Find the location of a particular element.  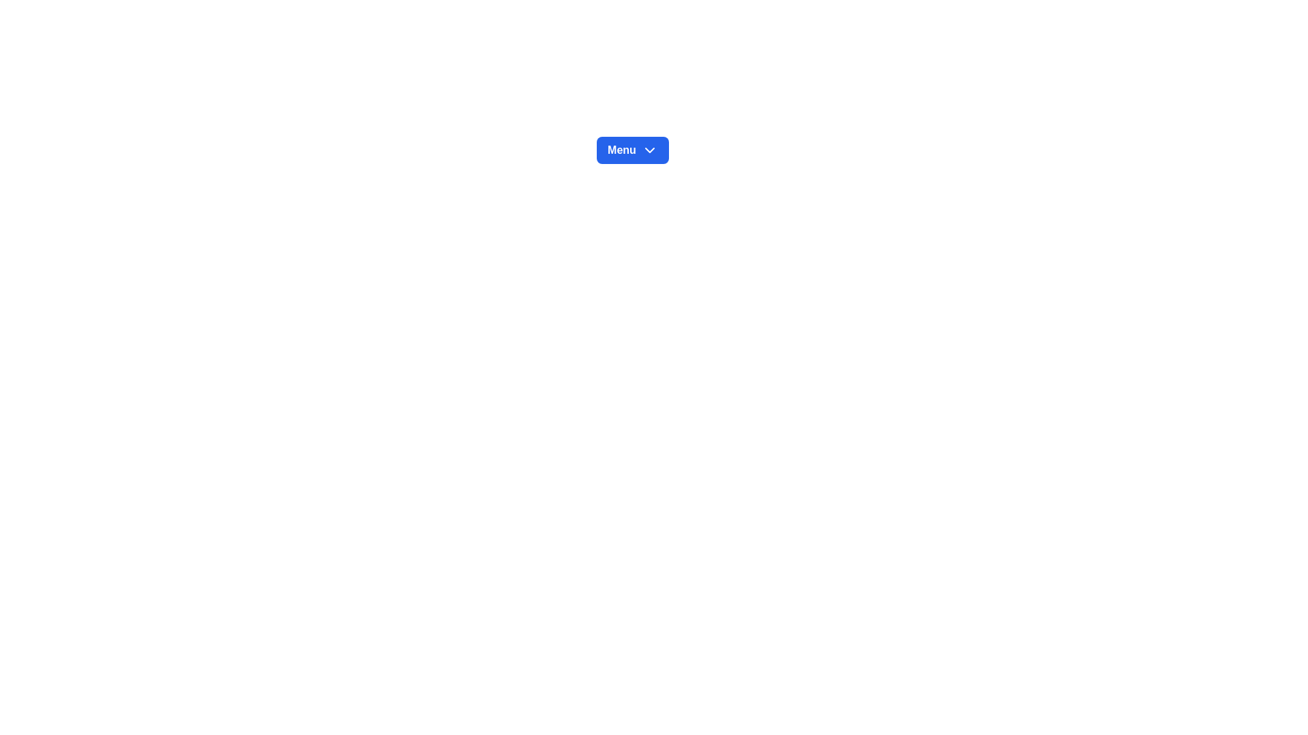

the downward-pointing chevron icon located to the right of the 'Menu' button is located at coordinates (649, 150).